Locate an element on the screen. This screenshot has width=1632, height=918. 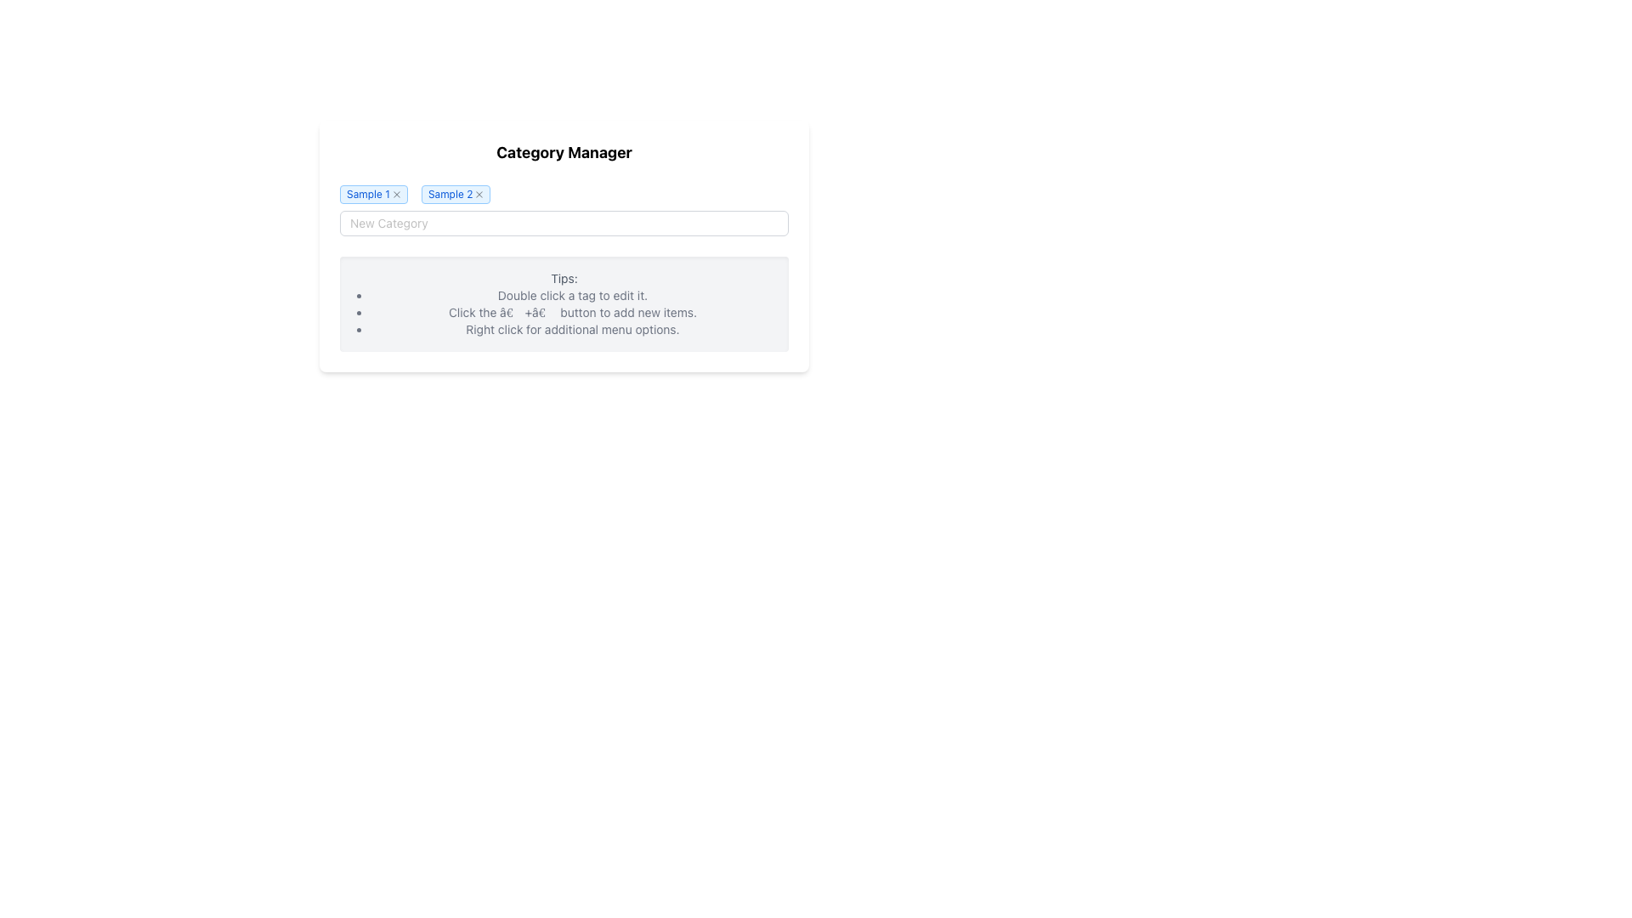
the Informational text block that contains the title 'Tips:' and a bulleted list of instructions, located beneath the 'New Category' text input field is located at coordinates (564, 303).